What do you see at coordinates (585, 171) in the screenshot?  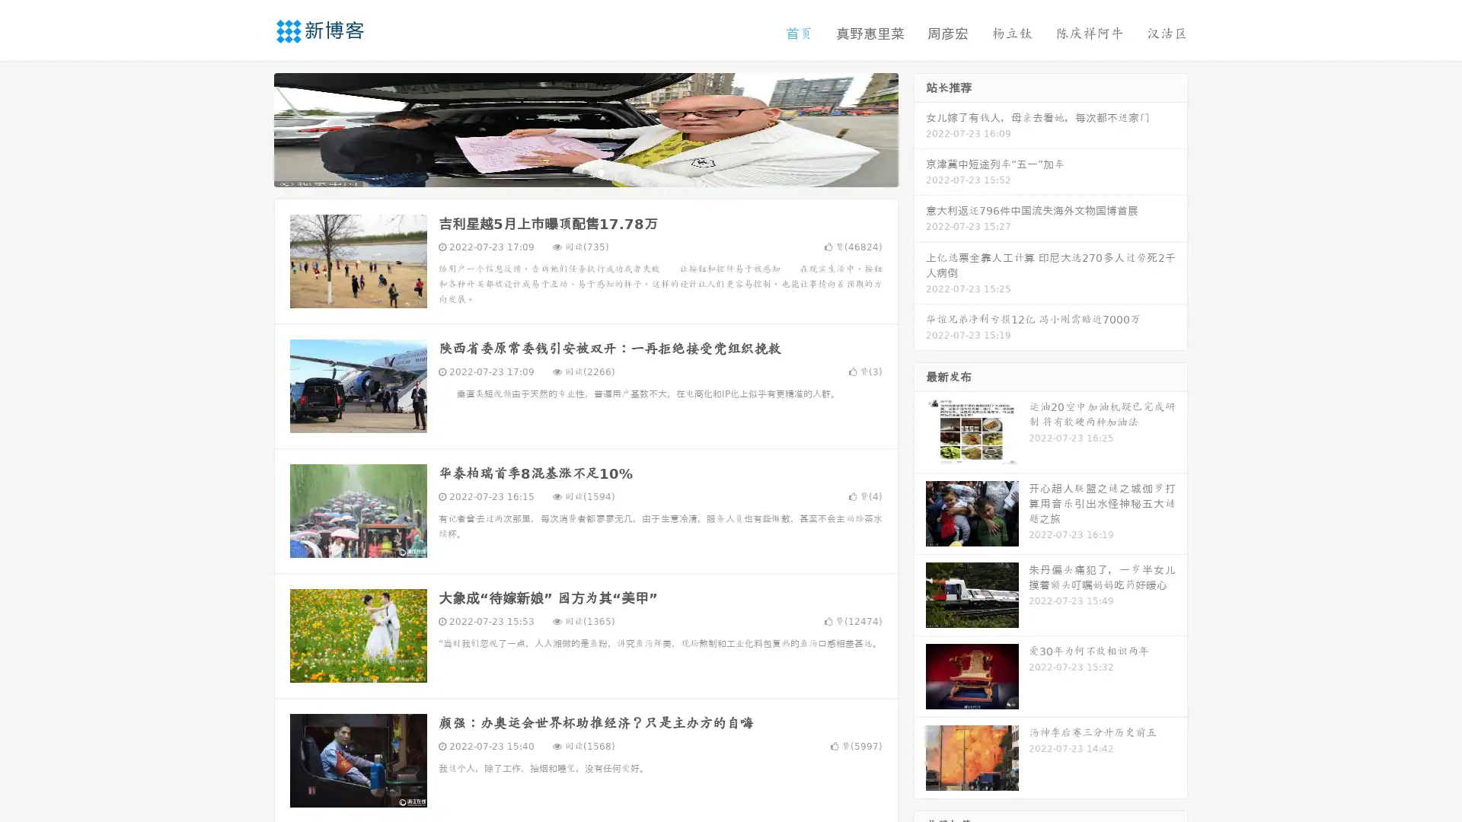 I see `Go to slide 2` at bounding box center [585, 171].